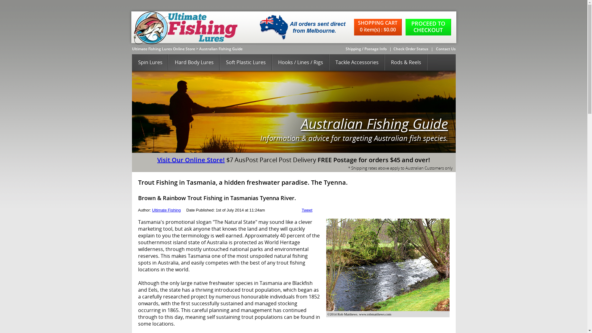 This screenshot has height=333, width=592. Describe the element at coordinates (245, 63) in the screenshot. I see `'Soft Plastic Lures'` at that location.